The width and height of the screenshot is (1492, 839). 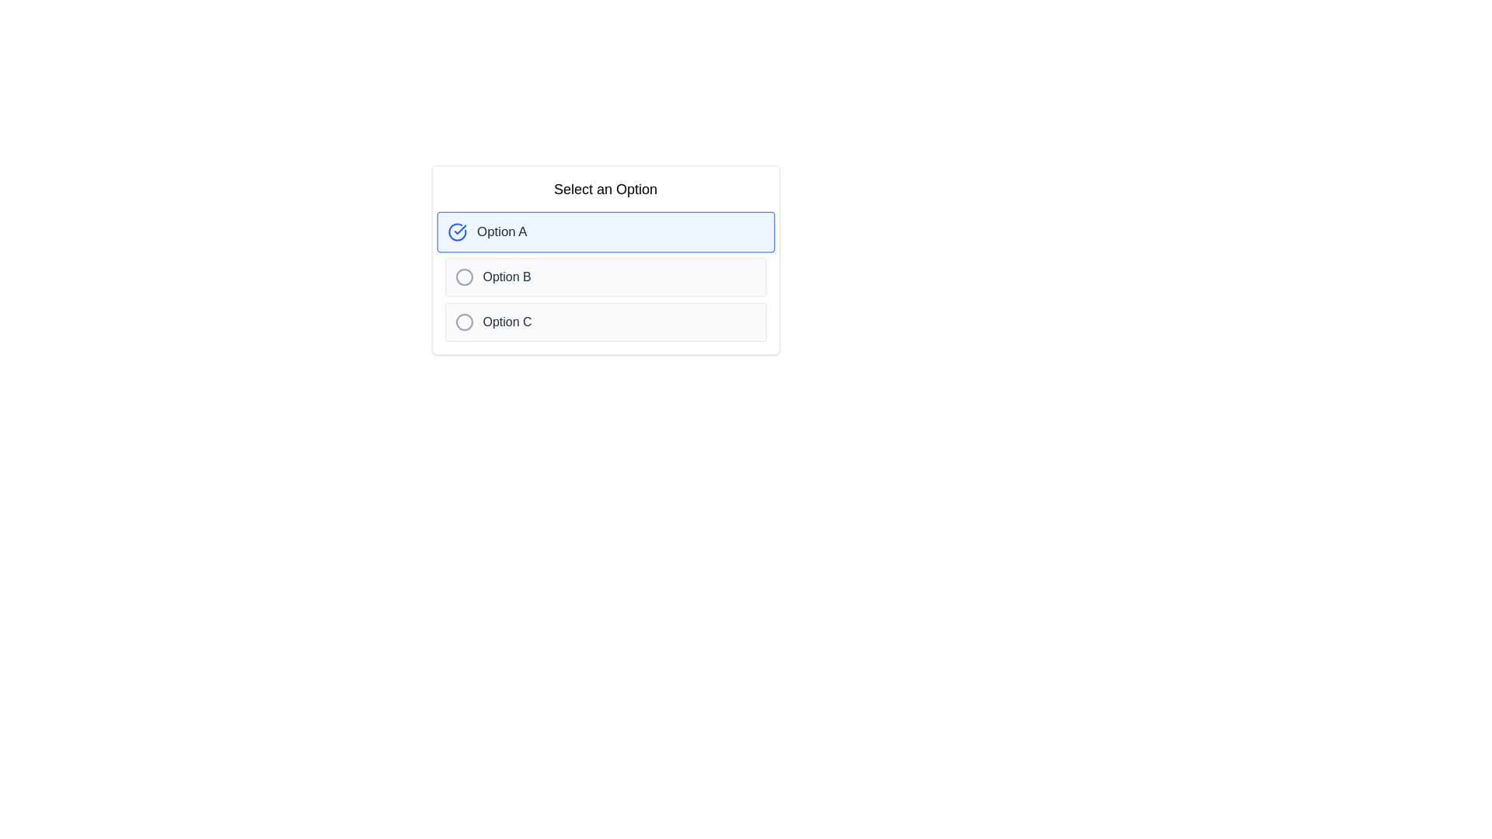 I want to click on text of the label for 'Option B', which is located in the middle row of a vertical list of selectable options, directly below 'Option A' and above 'Option C', so click(x=507, y=277).